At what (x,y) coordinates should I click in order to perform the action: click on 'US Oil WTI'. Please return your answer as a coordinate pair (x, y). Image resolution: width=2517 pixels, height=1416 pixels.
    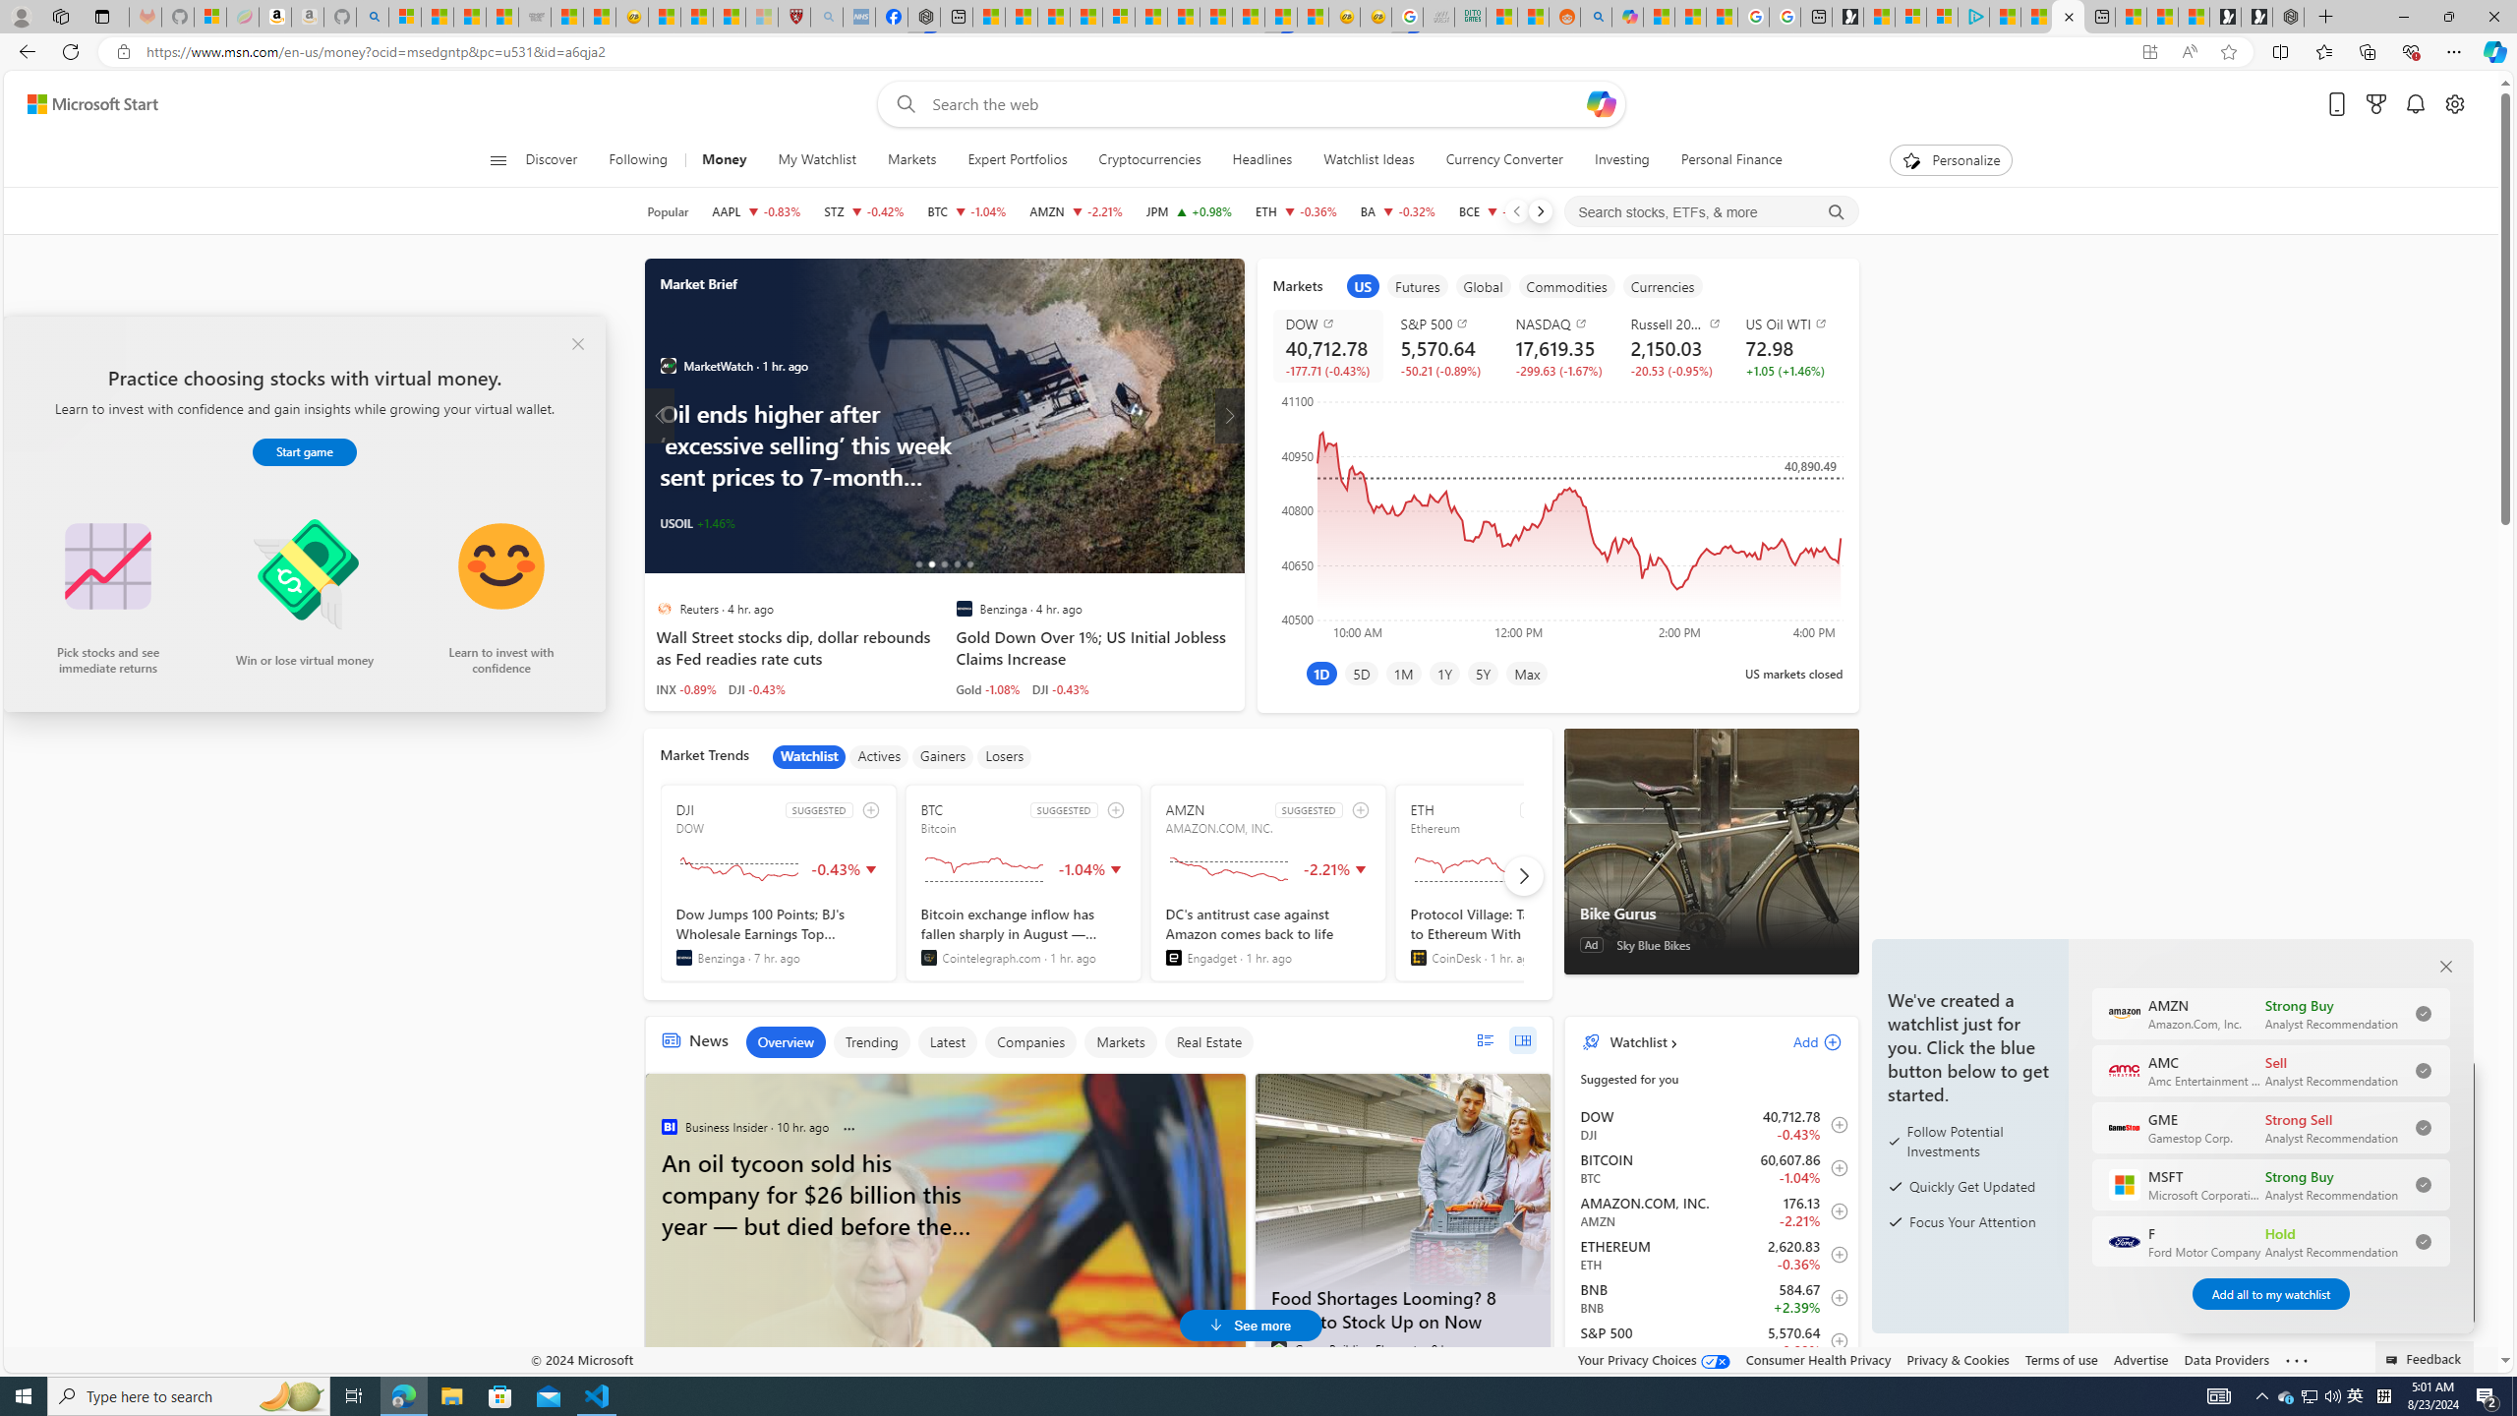
    Looking at the image, I should click on (1790, 324).